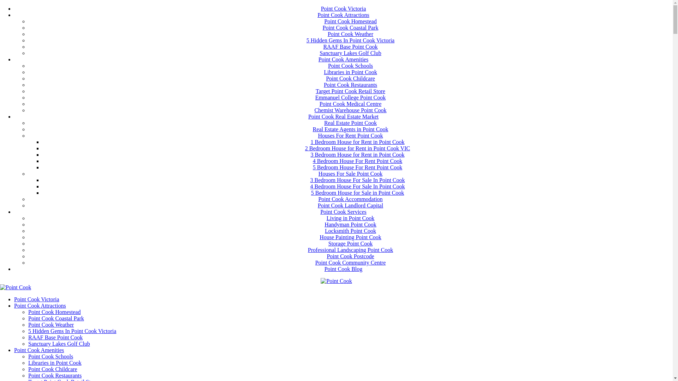 The width and height of the screenshot is (678, 381). What do you see at coordinates (350, 78) in the screenshot?
I see `'Point Cook Childcare'` at bounding box center [350, 78].